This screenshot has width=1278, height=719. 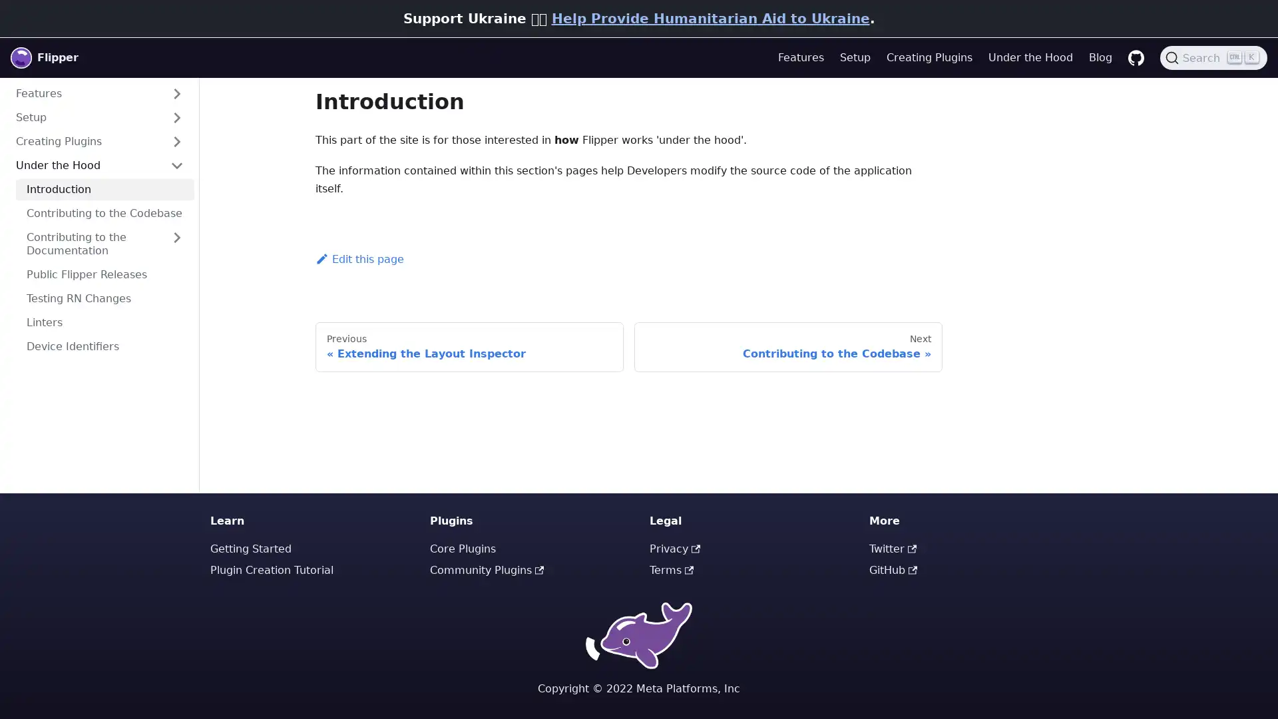 What do you see at coordinates (1213, 57) in the screenshot?
I see `Search` at bounding box center [1213, 57].